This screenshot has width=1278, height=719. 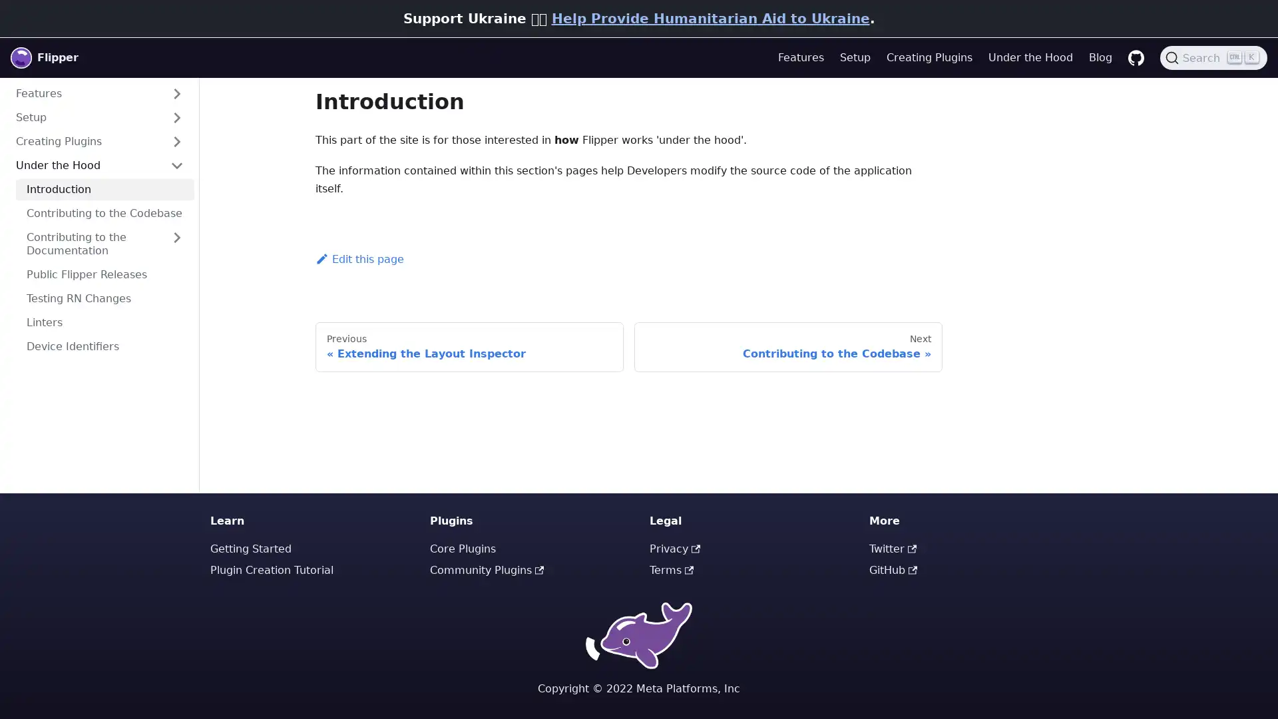 What do you see at coordinates (1213, 57) in the screenshot?
I see `Search` at bounding box center [1213, 57].